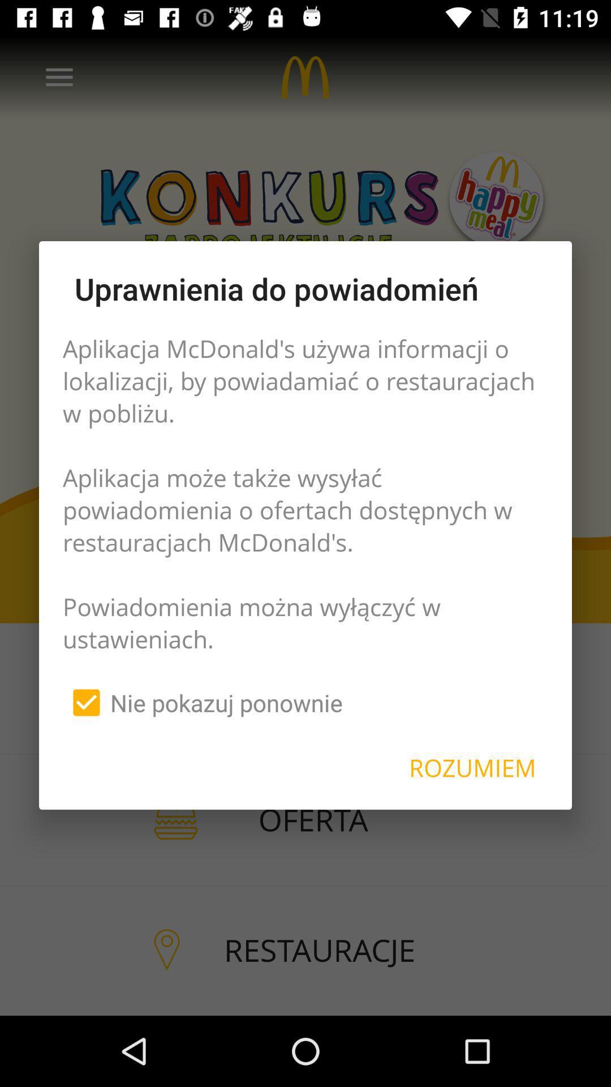 This screenshot has width=611, height=1087. Describe the element at coordinates (472, 768) in the screenshot. I see `the icon below the aplikacja mcdonald s icon` at that location.